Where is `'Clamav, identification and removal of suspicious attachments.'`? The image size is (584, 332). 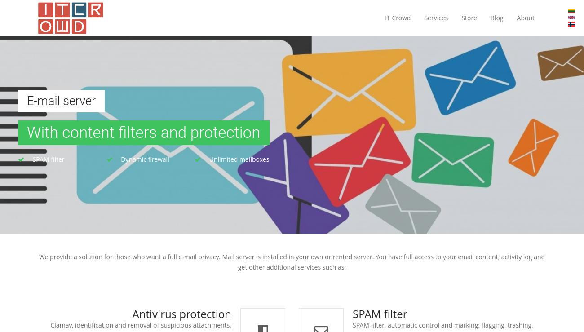
'Clamav, identification and removal of suspicious attachments.' is located at coordinates (141, 325).